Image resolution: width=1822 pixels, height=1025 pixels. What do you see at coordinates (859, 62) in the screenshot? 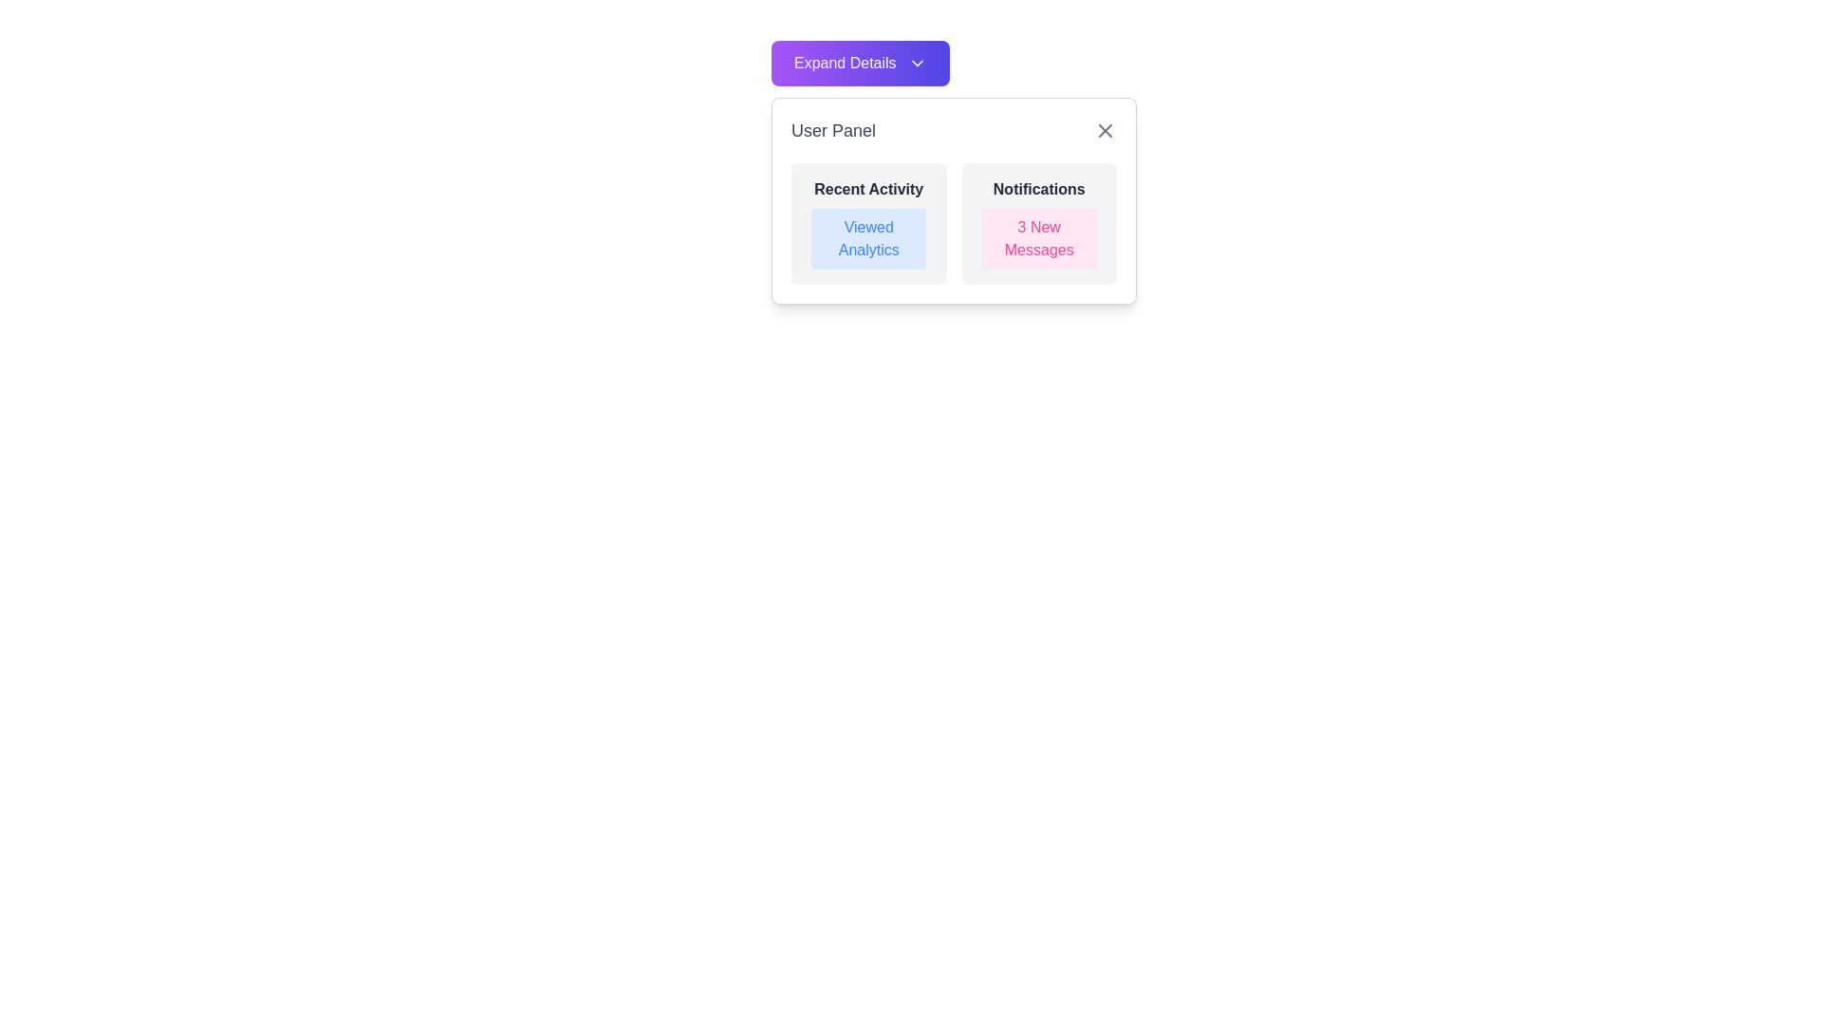
I see `the expand/collapse button located in the top-left section of the user interface to change its color` at bounding box center [859, 62].